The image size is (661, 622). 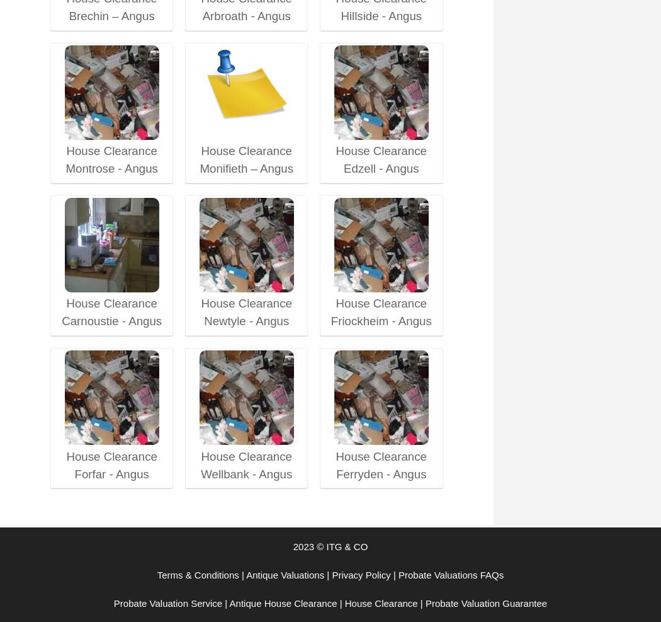 What do you see at coordinates (111, 464) in the screenshot?
I see `'House Clearance Forfar - Angus'` at bounding box center [111, 464].